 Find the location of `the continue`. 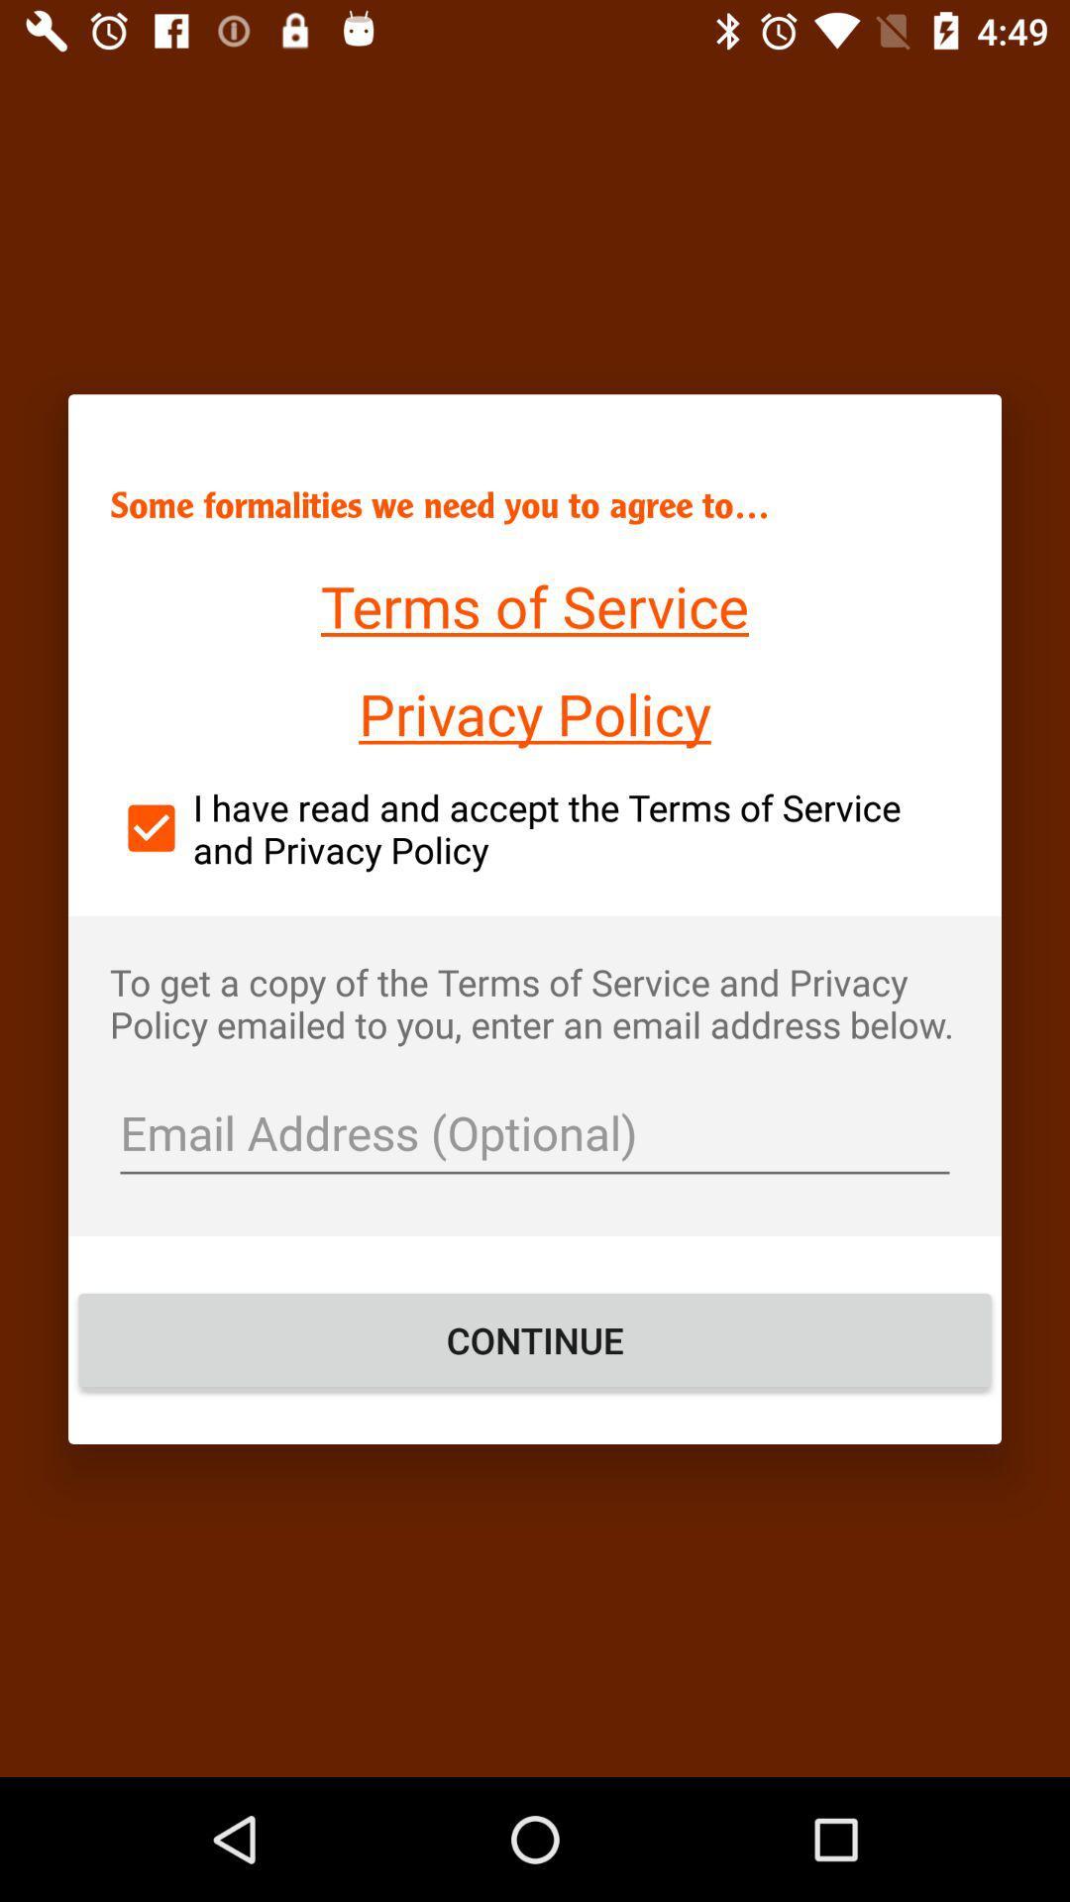

the continue is located at coordinates (535, 1340).